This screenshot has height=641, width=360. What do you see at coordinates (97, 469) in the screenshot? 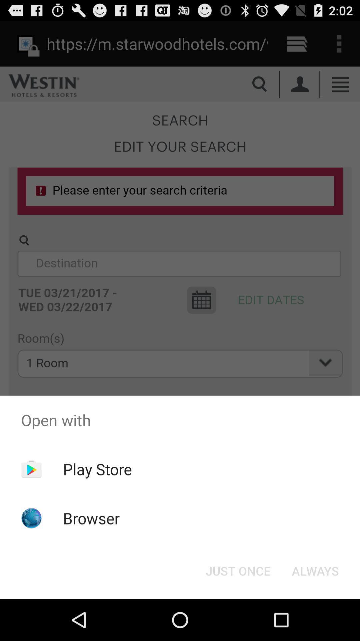
I see `the play store` at bounding box center [97, 469].